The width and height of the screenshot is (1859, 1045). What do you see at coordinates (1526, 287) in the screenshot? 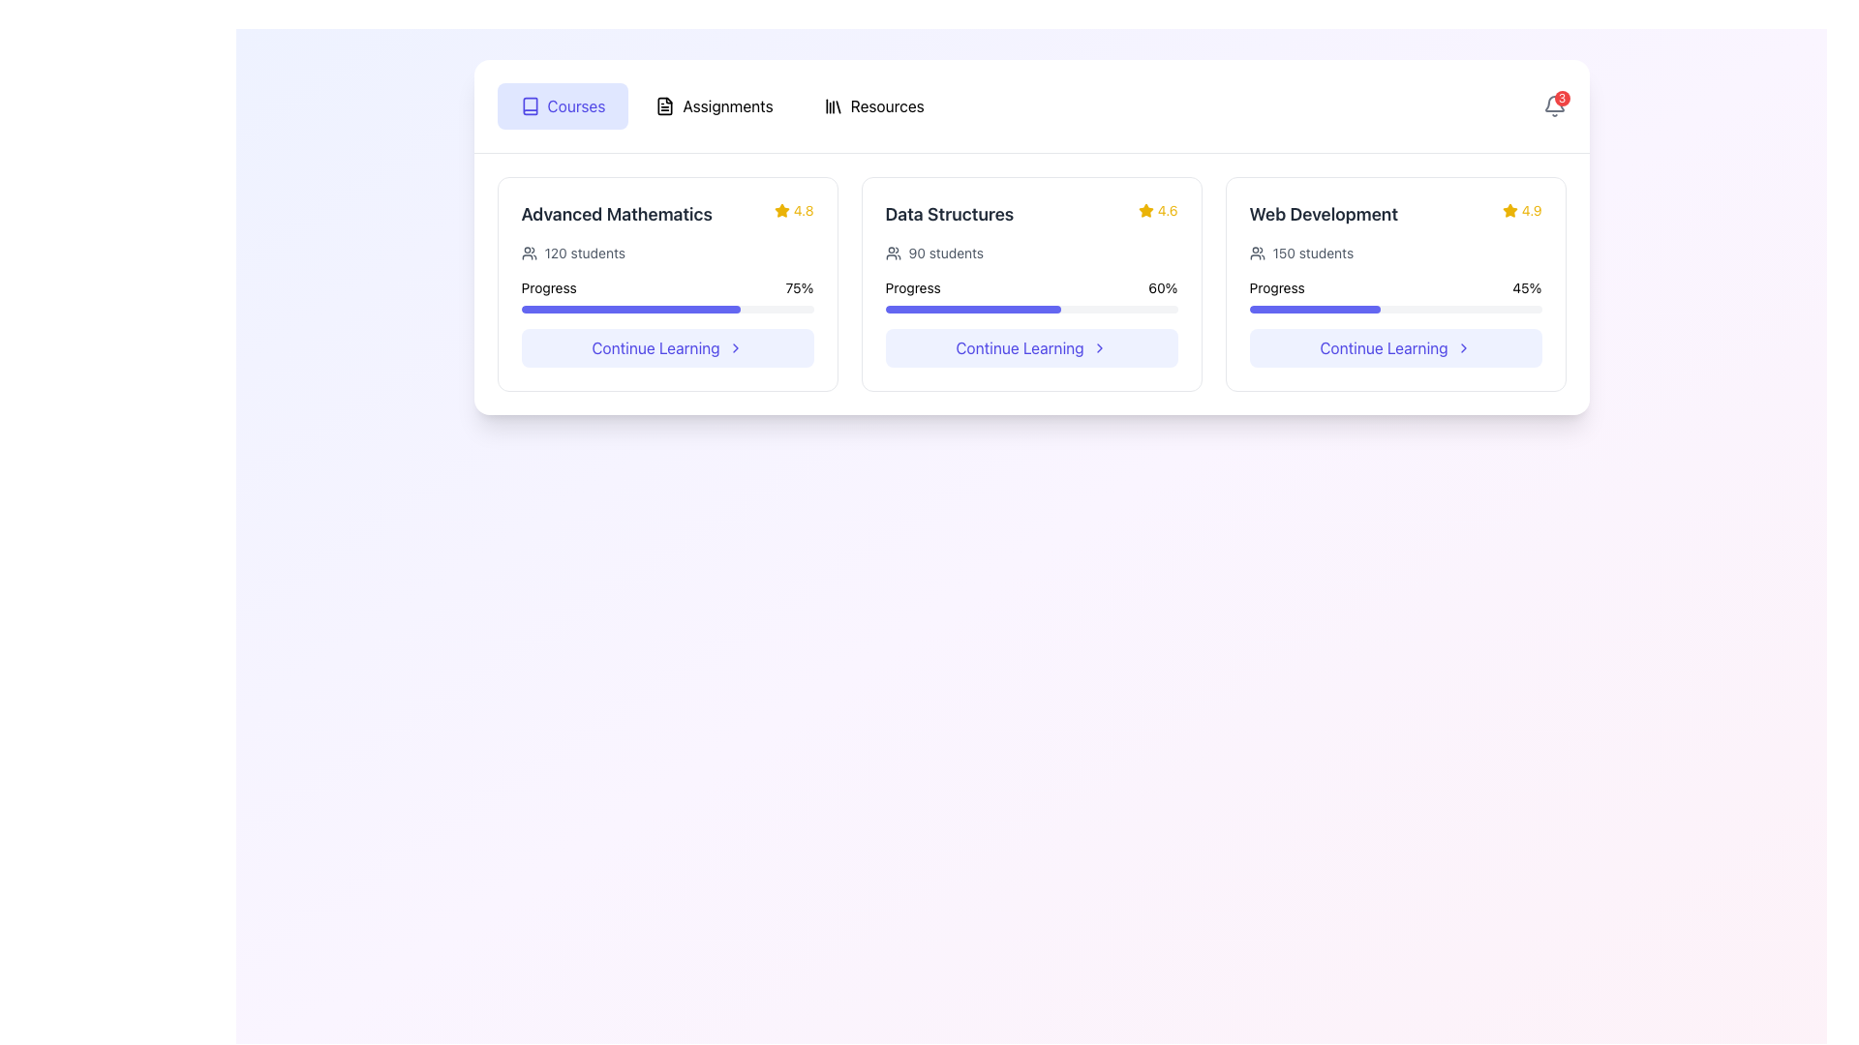
I see `text displayed in the bold label indicating progress, which shows '45%' near the progress bar in the Web Development section` at bounding box center [1526, 287].